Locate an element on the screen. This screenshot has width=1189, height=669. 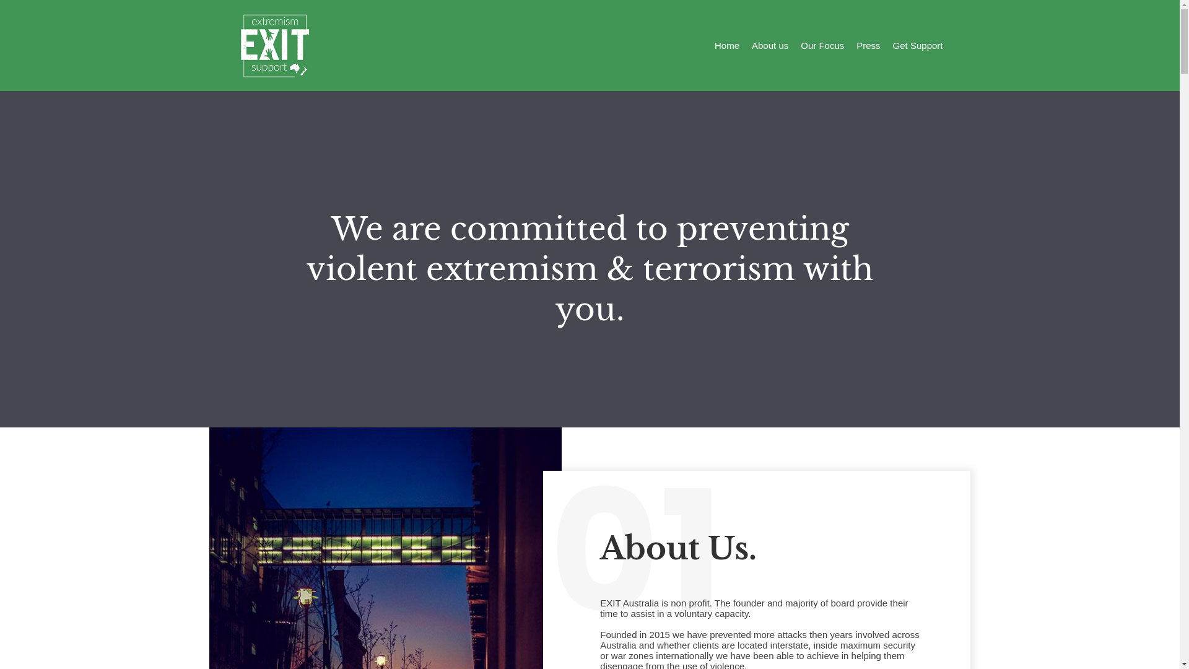
'Press' is located at coordinates (855, 45).